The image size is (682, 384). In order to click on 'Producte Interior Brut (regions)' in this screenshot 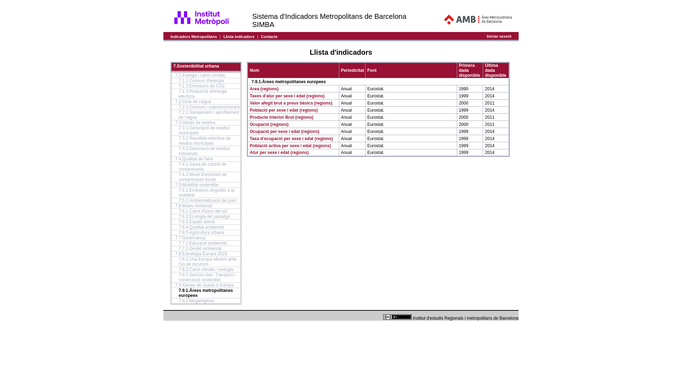, I will do `click(281, 116)`.